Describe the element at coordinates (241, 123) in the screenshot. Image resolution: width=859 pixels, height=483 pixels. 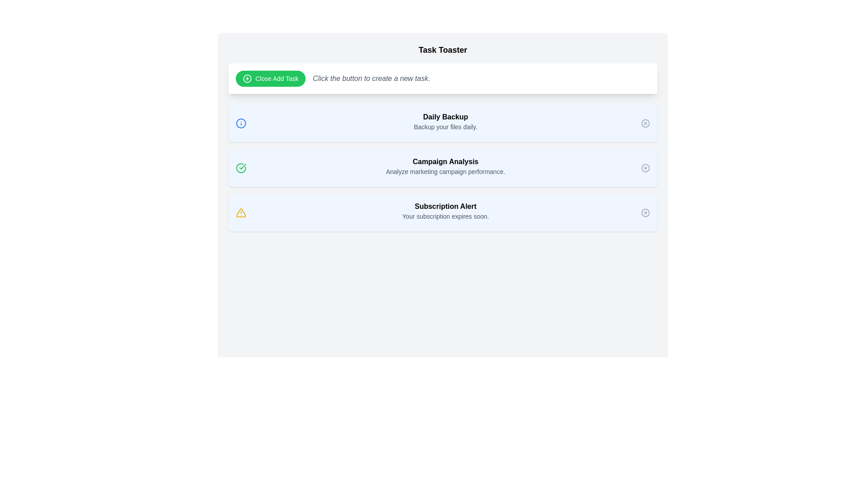
I see `the blue circular icon located at the head of the notification box titled 'Daily Backup', positioned to the left of the text contents` at that location.